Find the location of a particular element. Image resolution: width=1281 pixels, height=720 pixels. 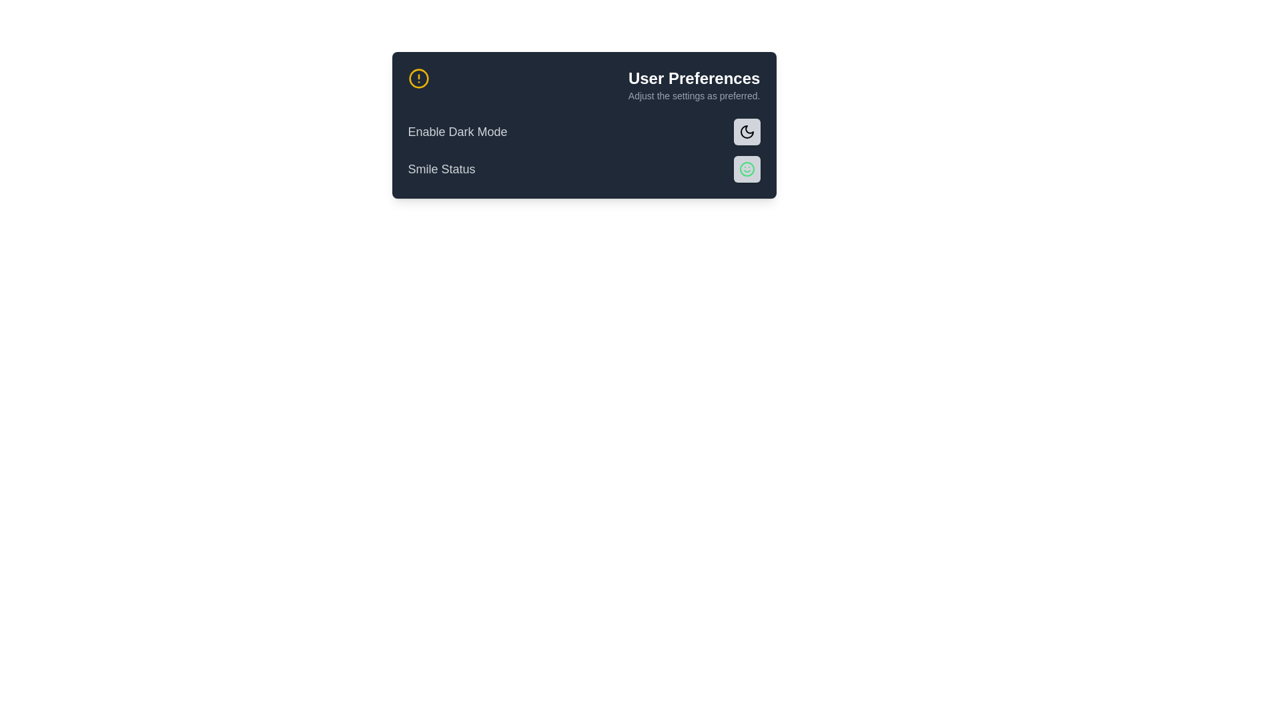

the crescent moon icon located in the top-right section of the modal is located at coordinates (746, 131).